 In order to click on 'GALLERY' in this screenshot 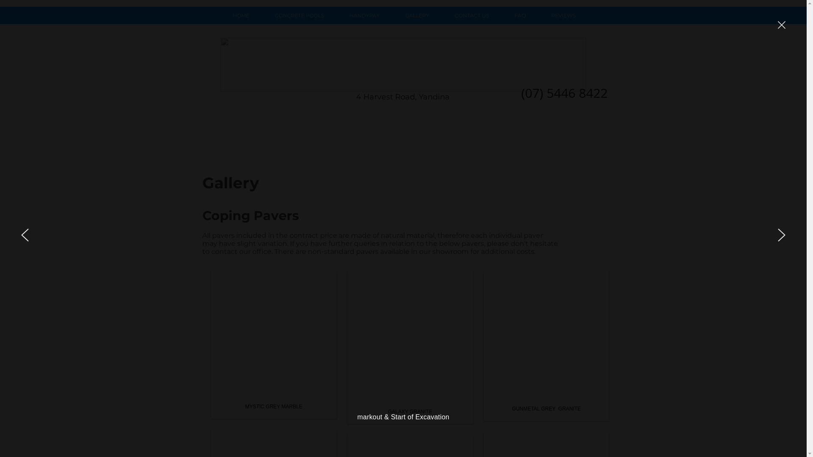, I will do `click(417, 15)`.